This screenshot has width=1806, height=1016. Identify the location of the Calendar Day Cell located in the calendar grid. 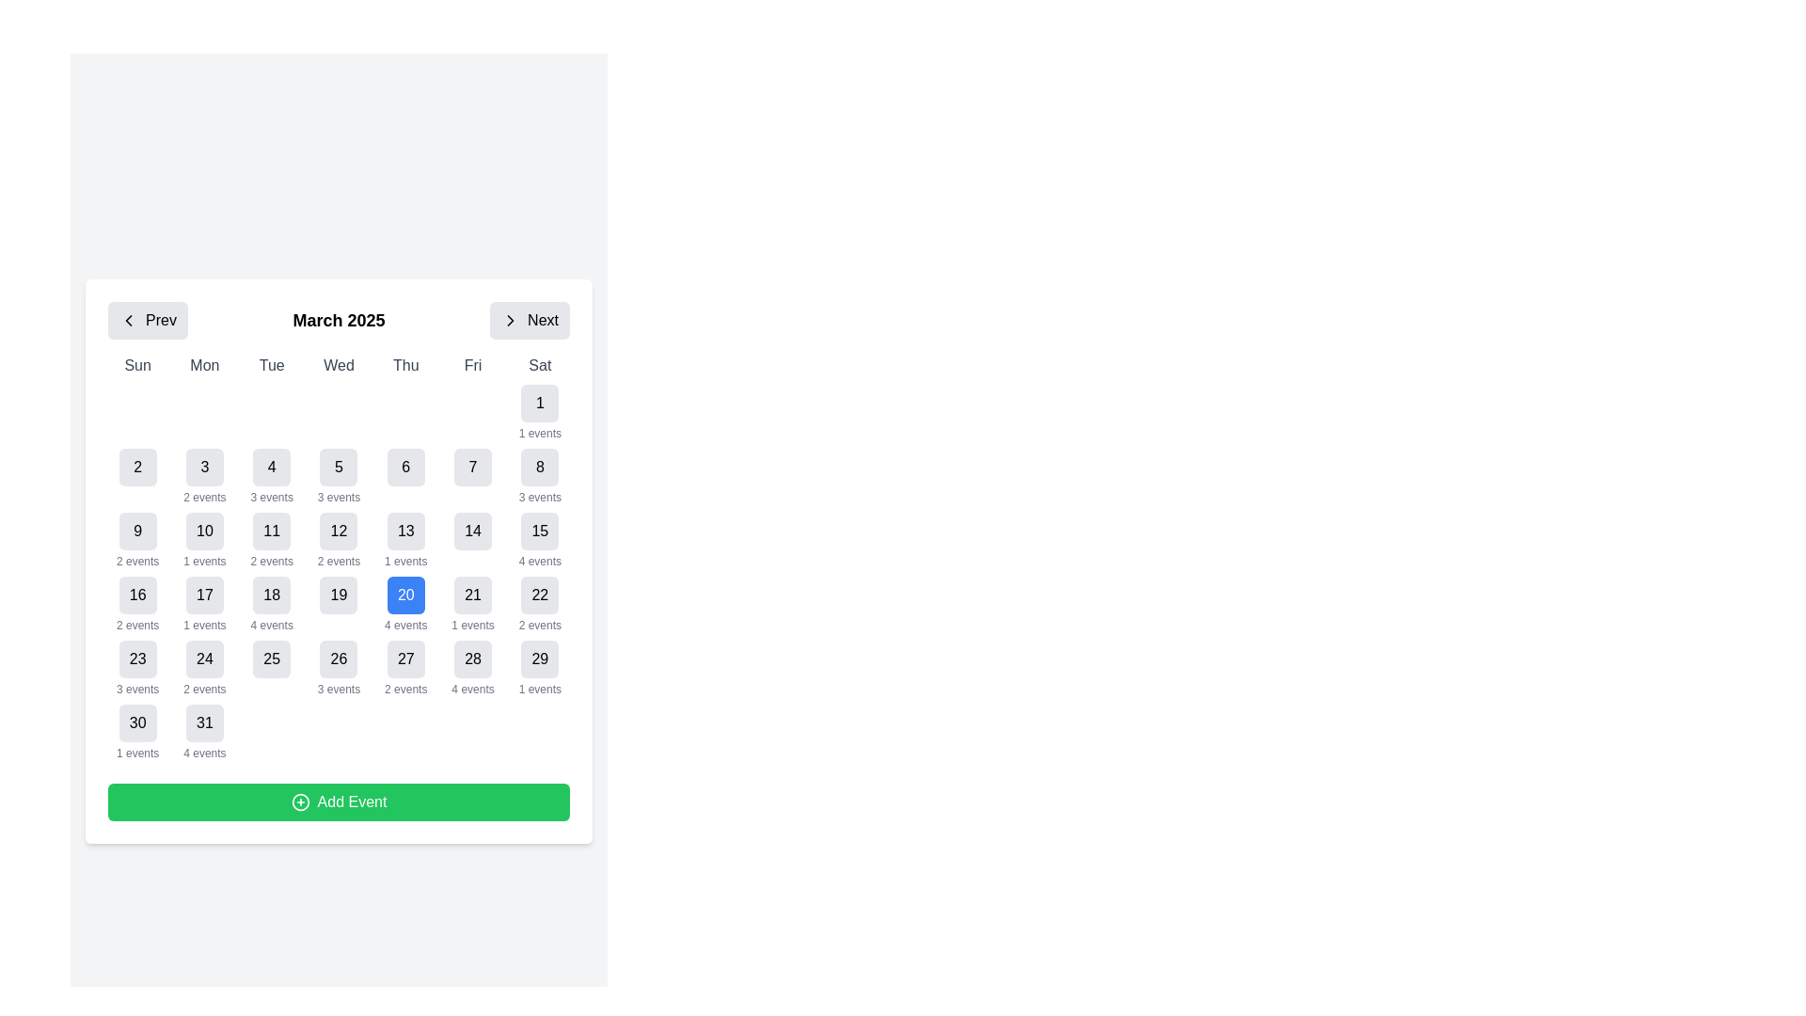
(339, 557).